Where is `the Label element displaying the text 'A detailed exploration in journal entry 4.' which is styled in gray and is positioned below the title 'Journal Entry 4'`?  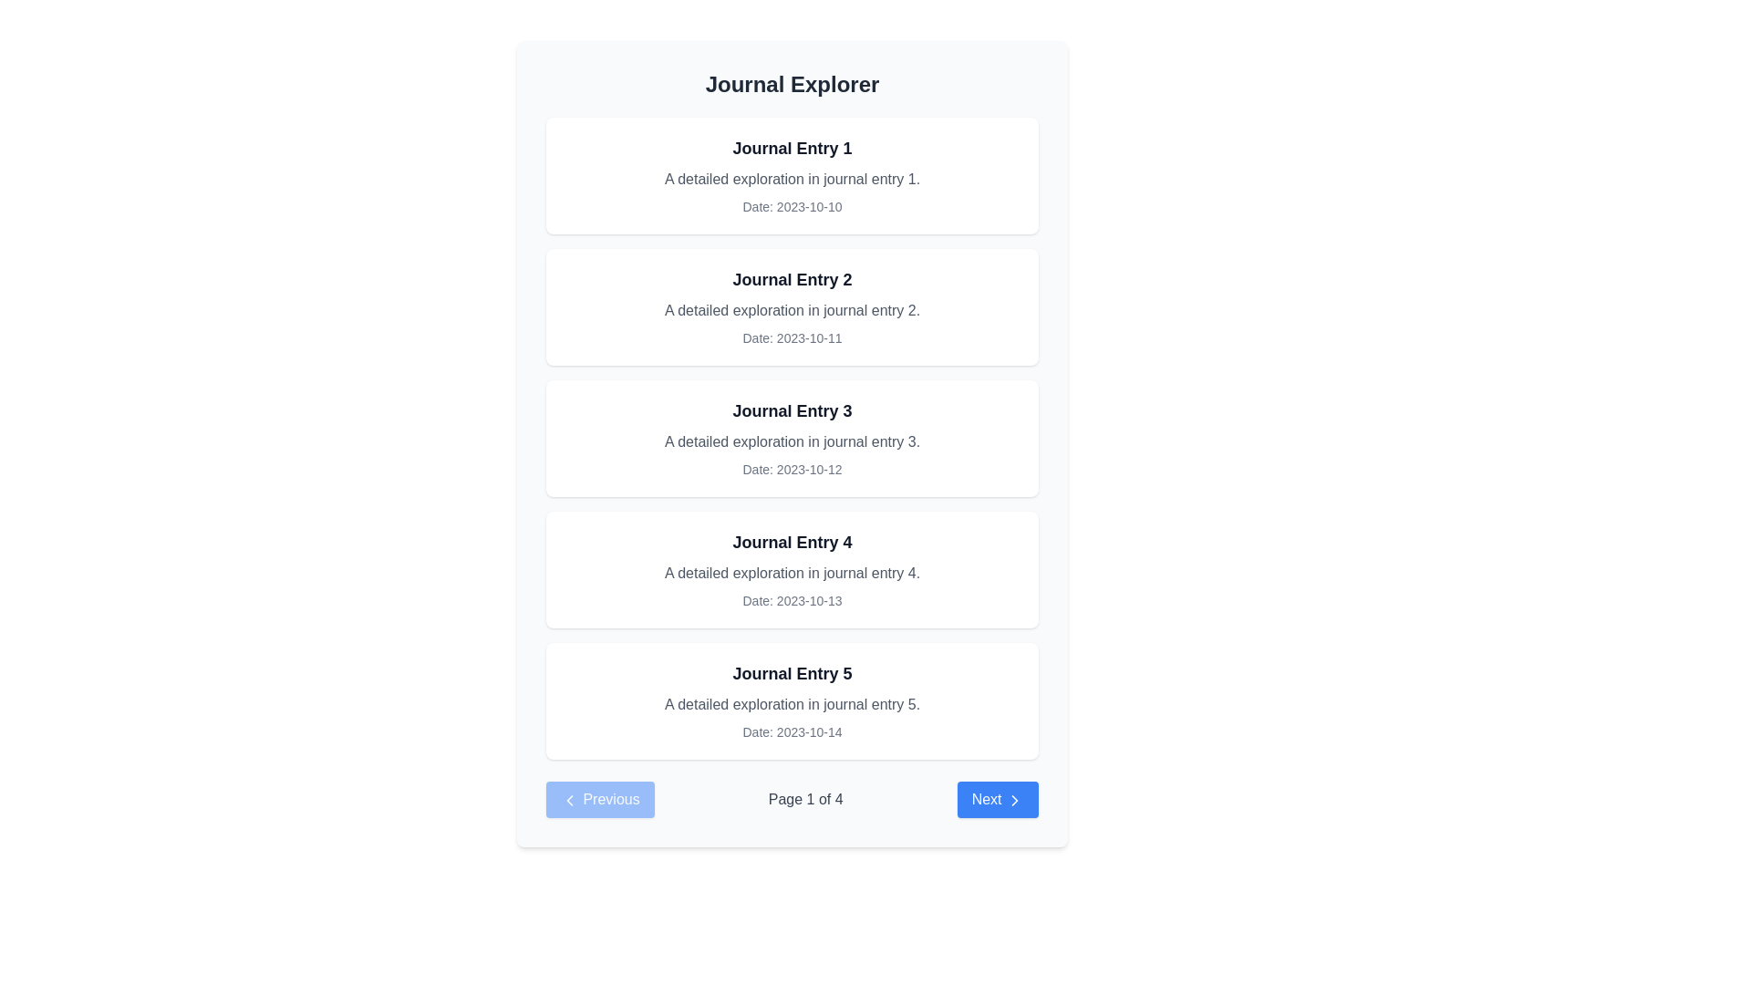
the Label element displaying the text 'A detailed exploration in journal entry 4.' which is styled in gray and is positioned below the title 'Journal Entry 4' is located at coordinates (792, 572).